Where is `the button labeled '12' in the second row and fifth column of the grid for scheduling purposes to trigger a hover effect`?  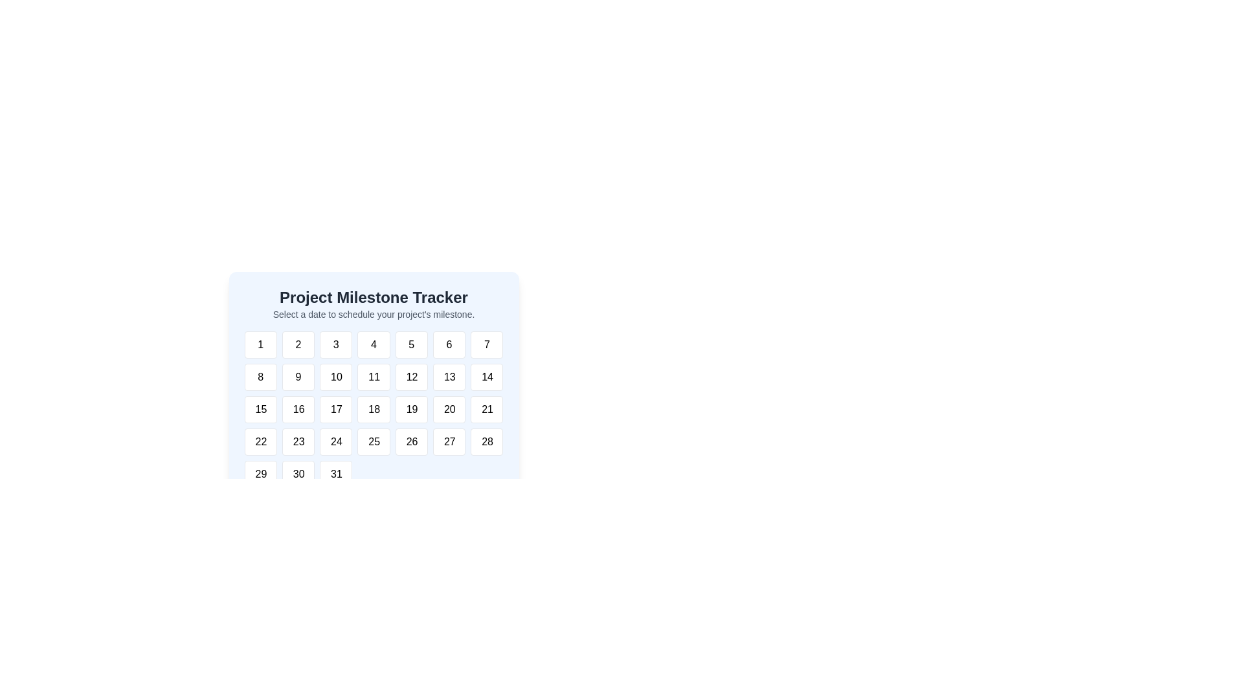 the button labeled '12' in the second row and fifth column of the grid for scheduling purposes to trigger a hover effect is located at coordinates (410, 377).